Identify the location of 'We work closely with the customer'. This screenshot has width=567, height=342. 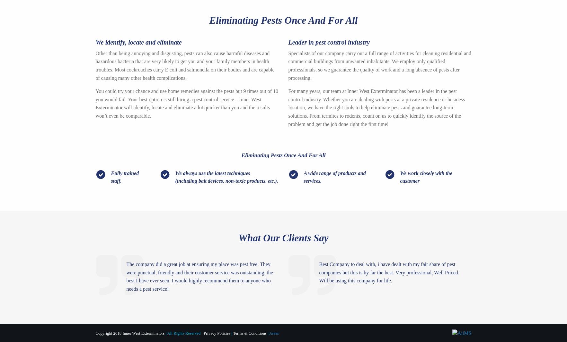
(426, 177).